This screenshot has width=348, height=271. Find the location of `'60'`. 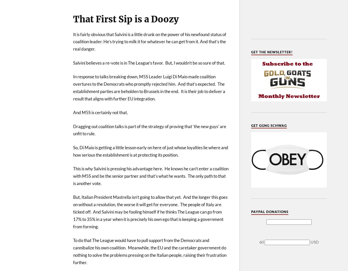

'60' is located at coordinates (262, 242).